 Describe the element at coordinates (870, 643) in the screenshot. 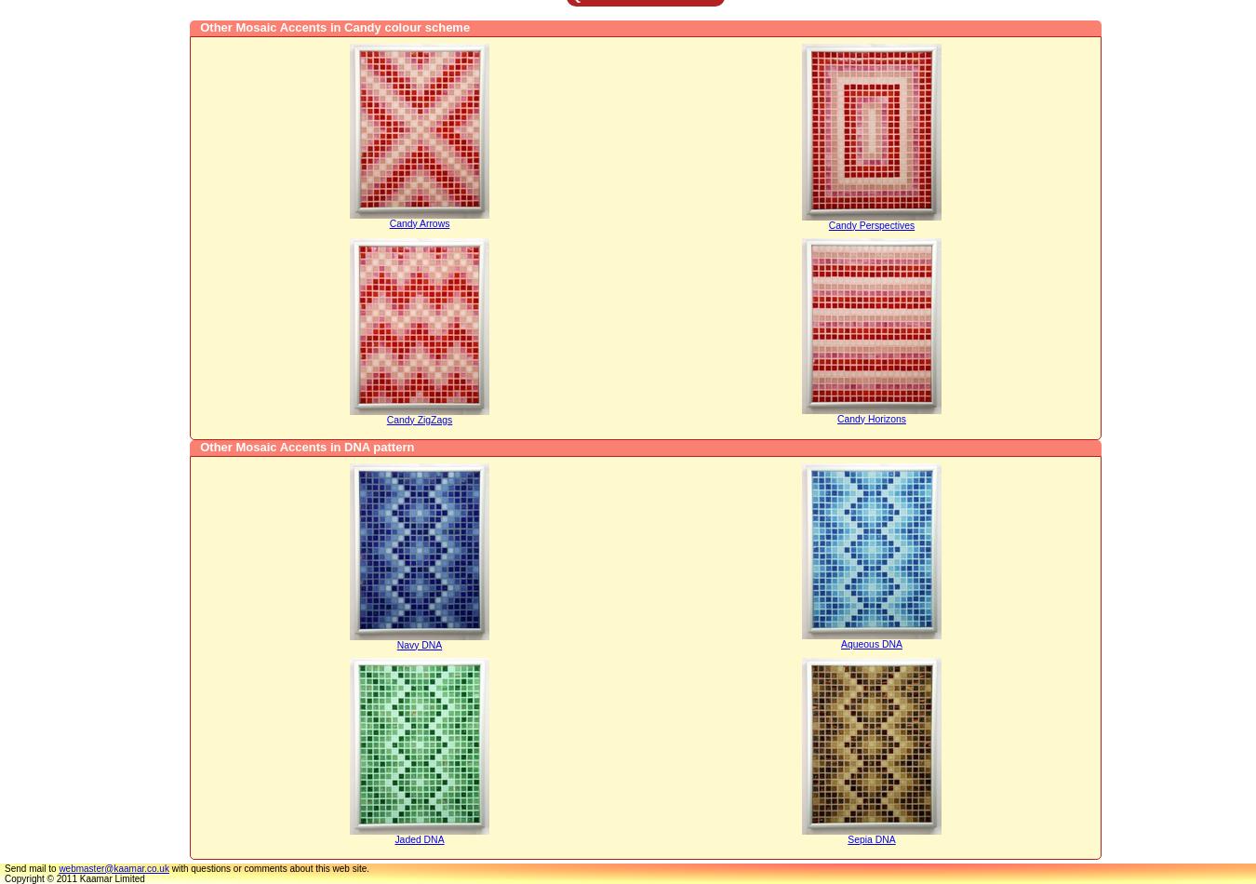

I see `'Aqueous DNA'` at that location.